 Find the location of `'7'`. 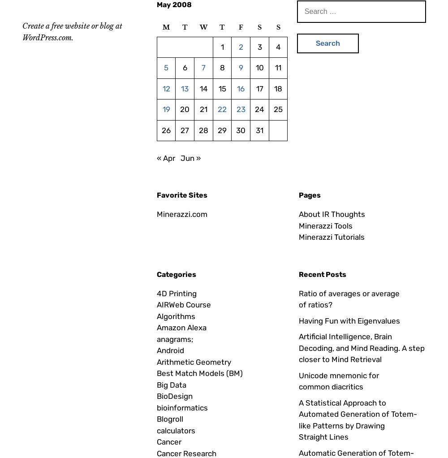

'7' is located at coordinates (203, 67).